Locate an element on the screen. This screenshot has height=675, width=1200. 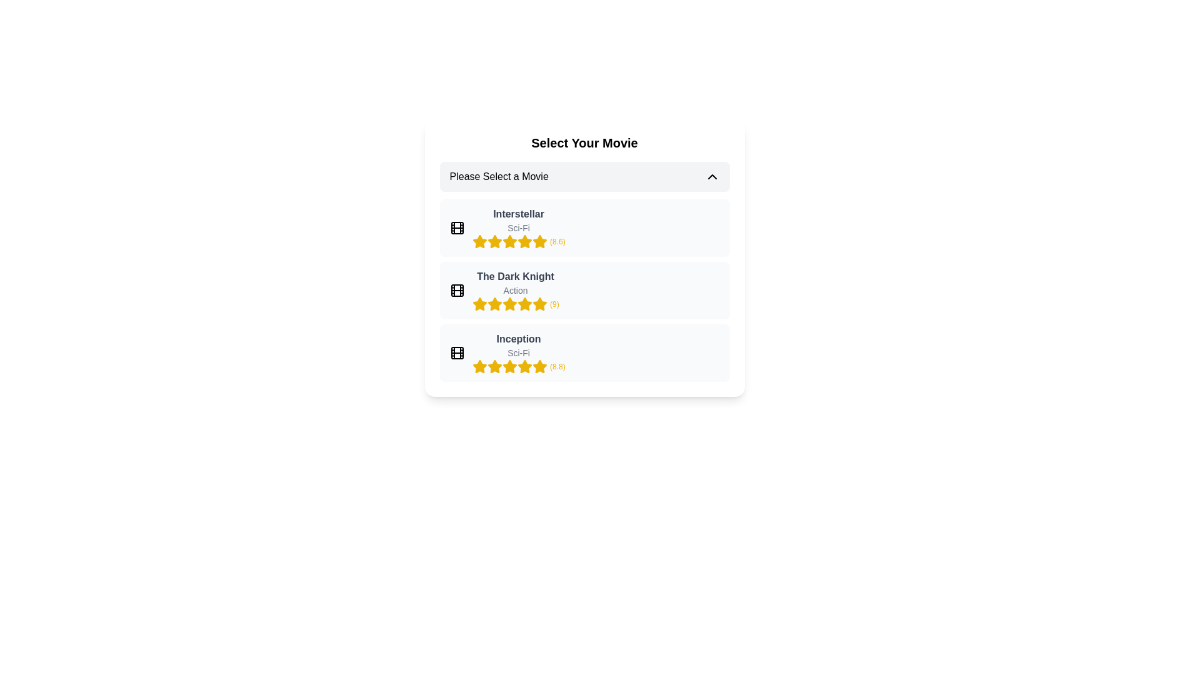
the film strip icon located next to the title and description of the movie 'Inception' in the movie selection list is located at coordinates (456, 352).